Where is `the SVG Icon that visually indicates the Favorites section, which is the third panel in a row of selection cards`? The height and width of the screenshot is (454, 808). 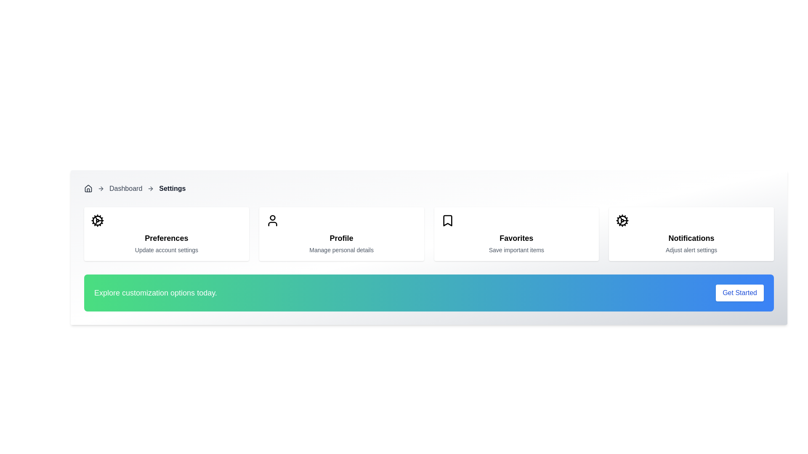
the SVG Icon that visually indicates the Favorites section, which is the third panel in a row of selection cards is located at coordinates (447, 220).